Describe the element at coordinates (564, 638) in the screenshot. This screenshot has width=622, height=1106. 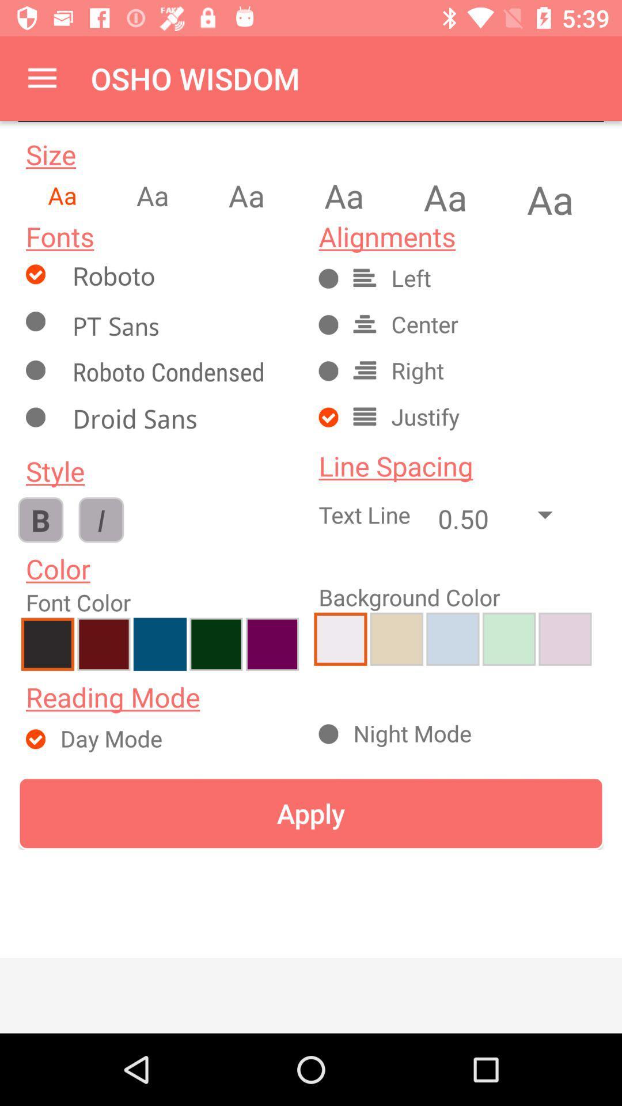
I see `changes the background color to a light brown` at that location.